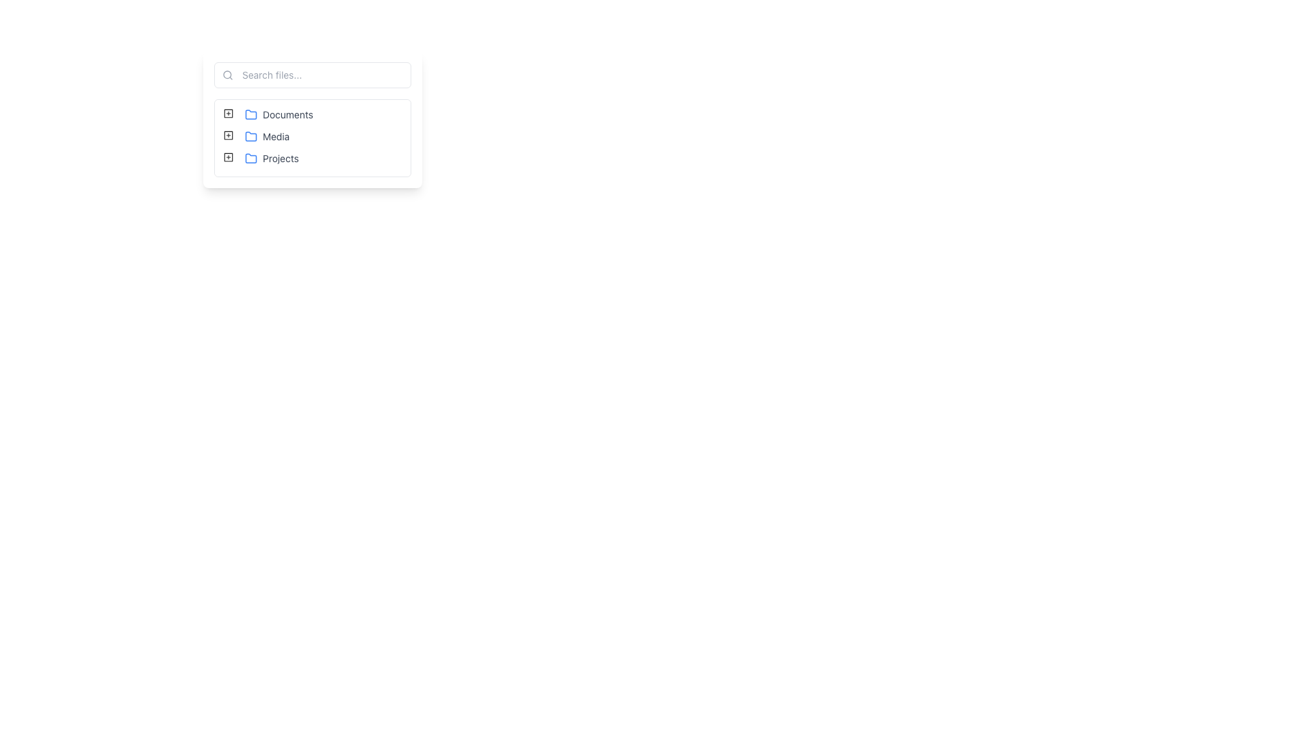  What do you see at coordinates (272, 157) in the screenshot?
I see `the 'Projects' folder item in the navigational tree` at bounding box center [272, 157].